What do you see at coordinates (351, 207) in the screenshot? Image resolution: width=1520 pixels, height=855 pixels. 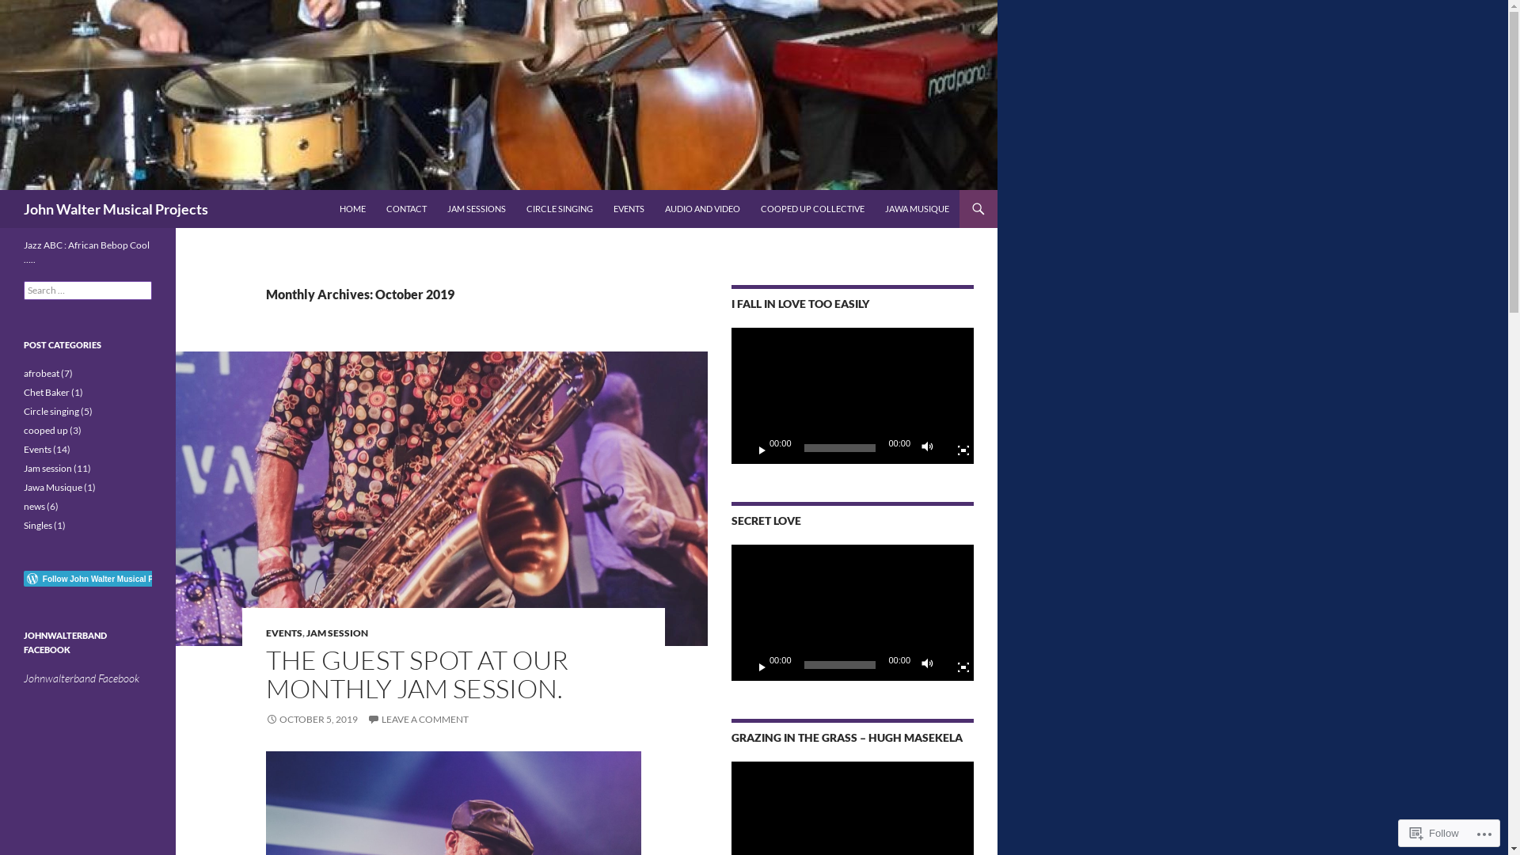 I see `'HOME'` at bounding box center [351, 207].